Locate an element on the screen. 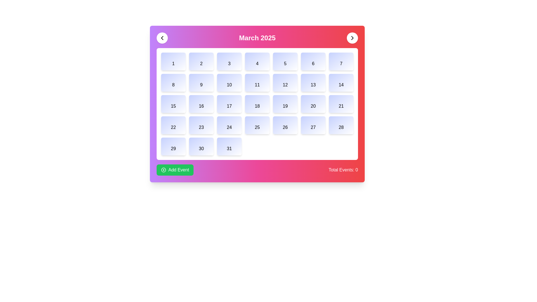 Image resolution: width=537 pixels, height=302 pixels. the calendar tile representing the 19th day of March 2025 is located at coordinates (285, 104).